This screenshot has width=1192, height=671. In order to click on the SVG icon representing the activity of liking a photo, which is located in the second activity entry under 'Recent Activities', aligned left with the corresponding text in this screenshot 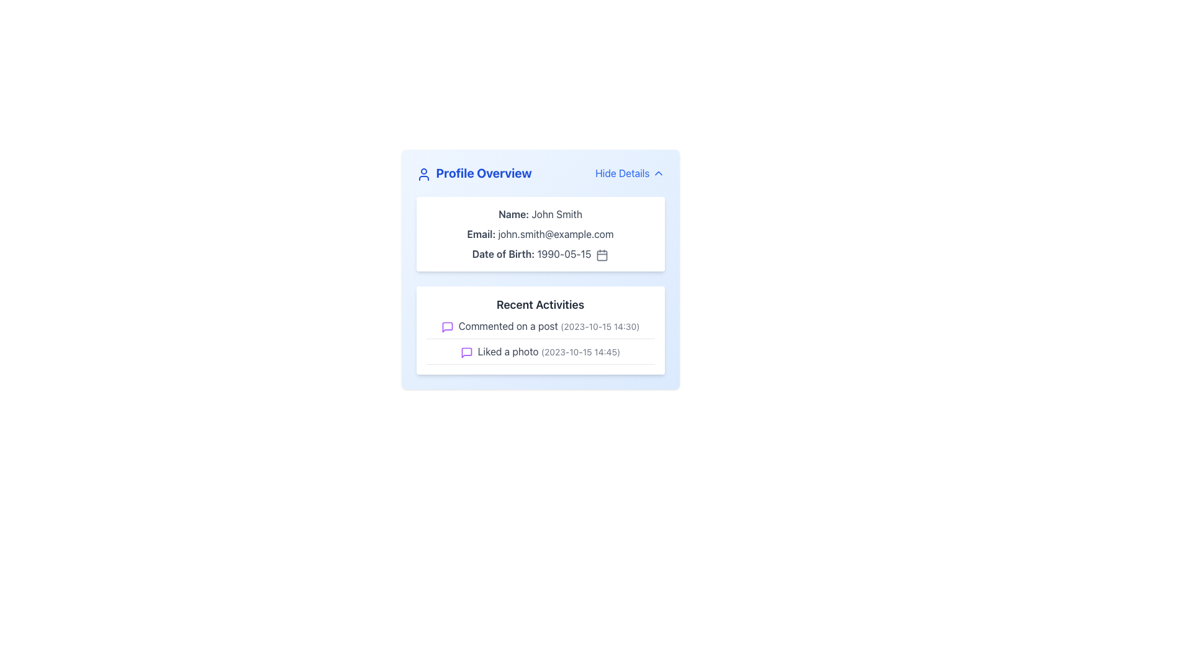, I will do `click(466, 352)`.